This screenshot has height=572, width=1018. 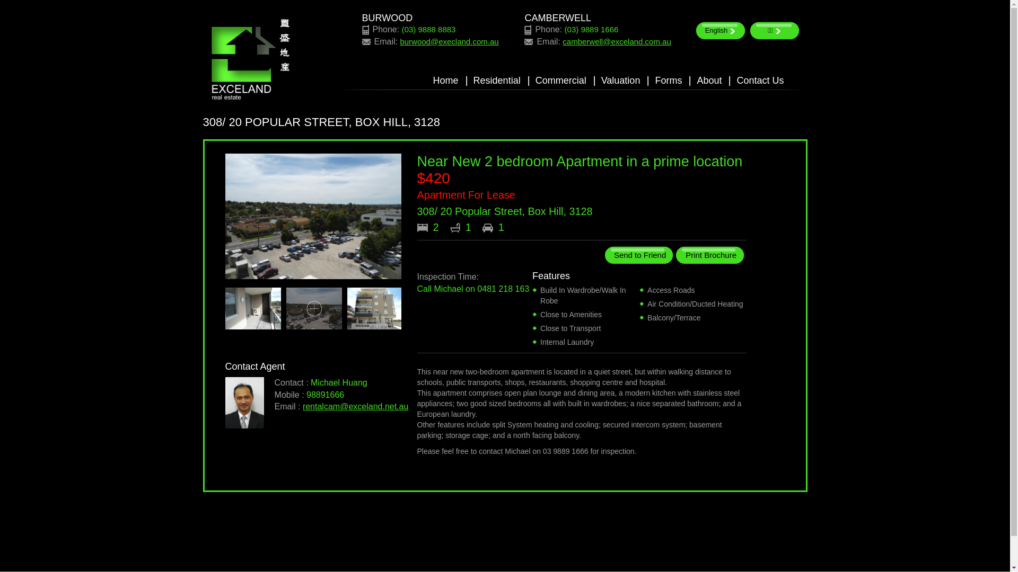 I want to click on 'camberwell@exceland.com.au', so click(x=617, y=41).